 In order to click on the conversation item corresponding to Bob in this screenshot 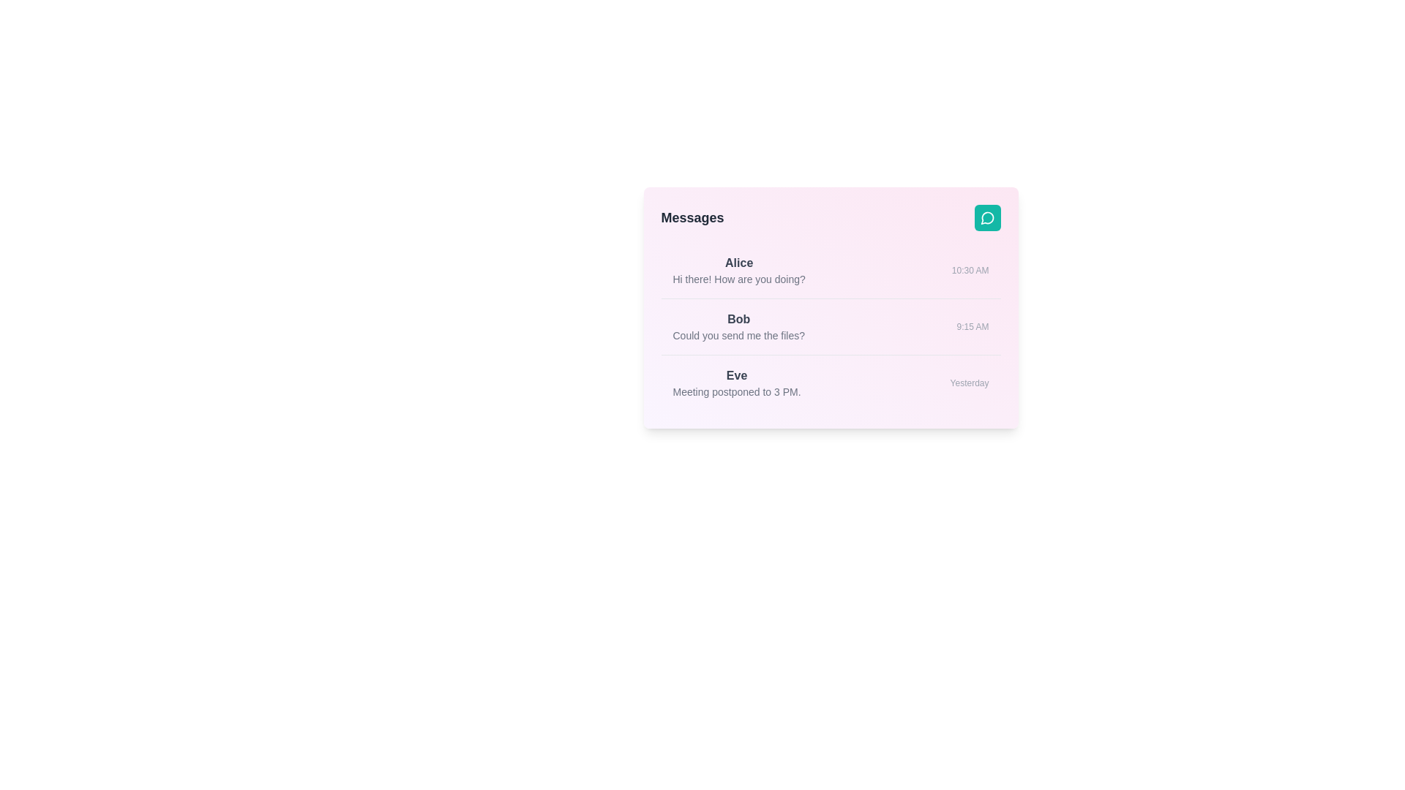, I will do `click(831, 326)`.